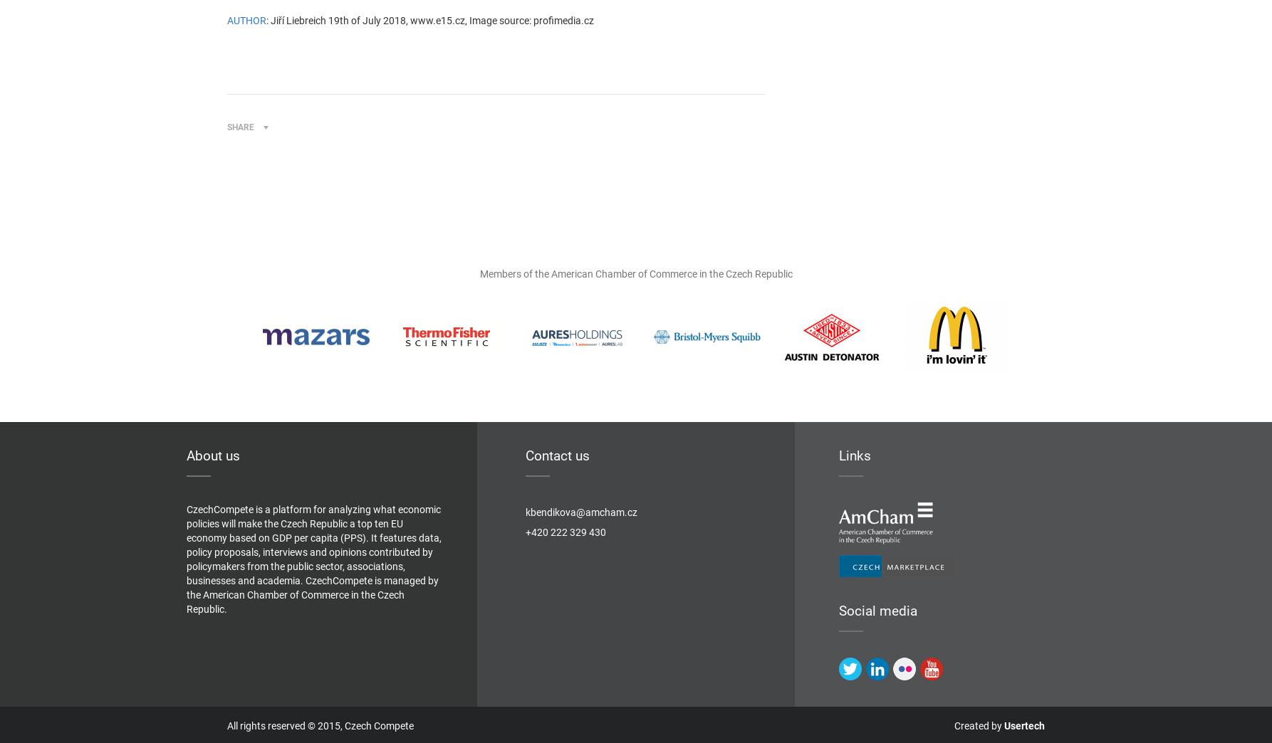  Describe the element at coordinates (580, 512) in the screenshot. I see `'kbendikova@amcham.cz'` at that location.